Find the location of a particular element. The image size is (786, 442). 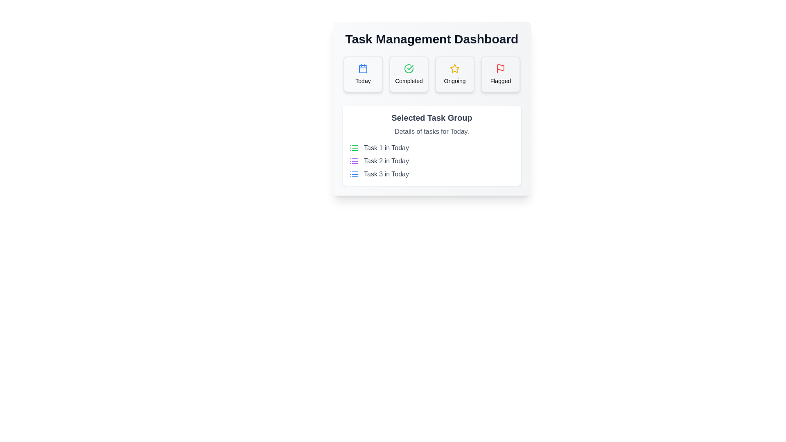

text label displaying the word 'Today', which is centrally aligned under a button on the upper-left side of the interface is located at coordinates (363, 81).